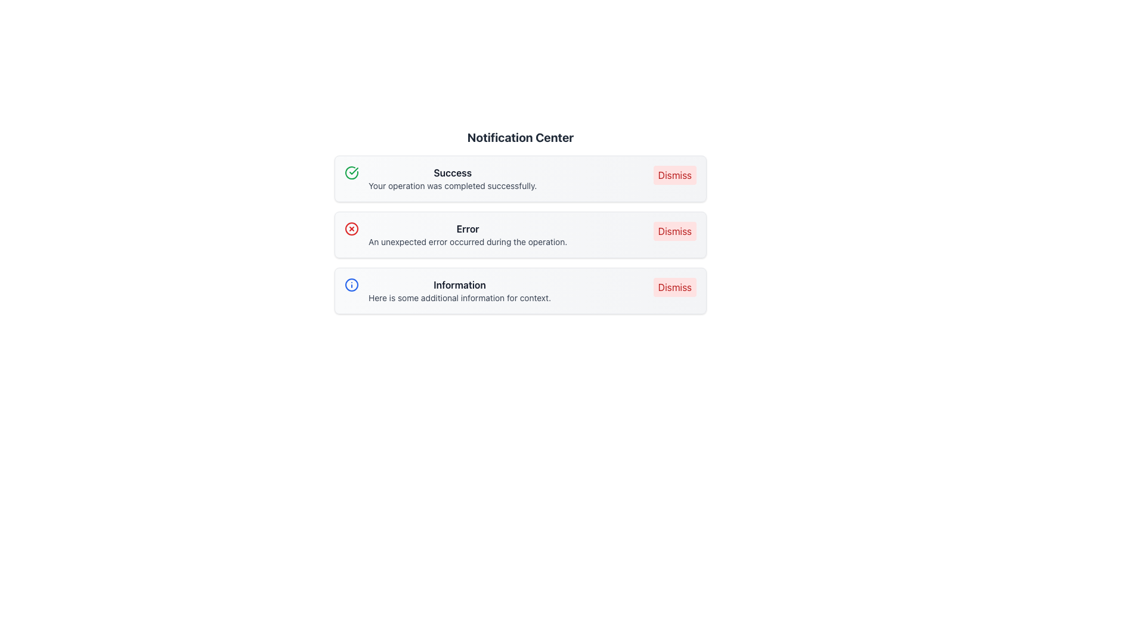 This screenshot has height=644, width=1145. What do you see at coordinates (459, 291) in the screenshot?
I see `the descriptive text block located in the lower section of the notification center interface, beneath the 'Information' heading` at bounding box center [459, 291].